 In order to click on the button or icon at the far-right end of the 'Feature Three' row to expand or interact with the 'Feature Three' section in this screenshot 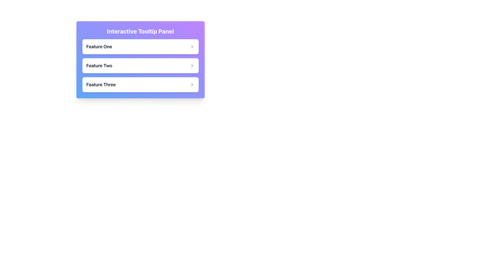, I will do `click(192, 84)`.